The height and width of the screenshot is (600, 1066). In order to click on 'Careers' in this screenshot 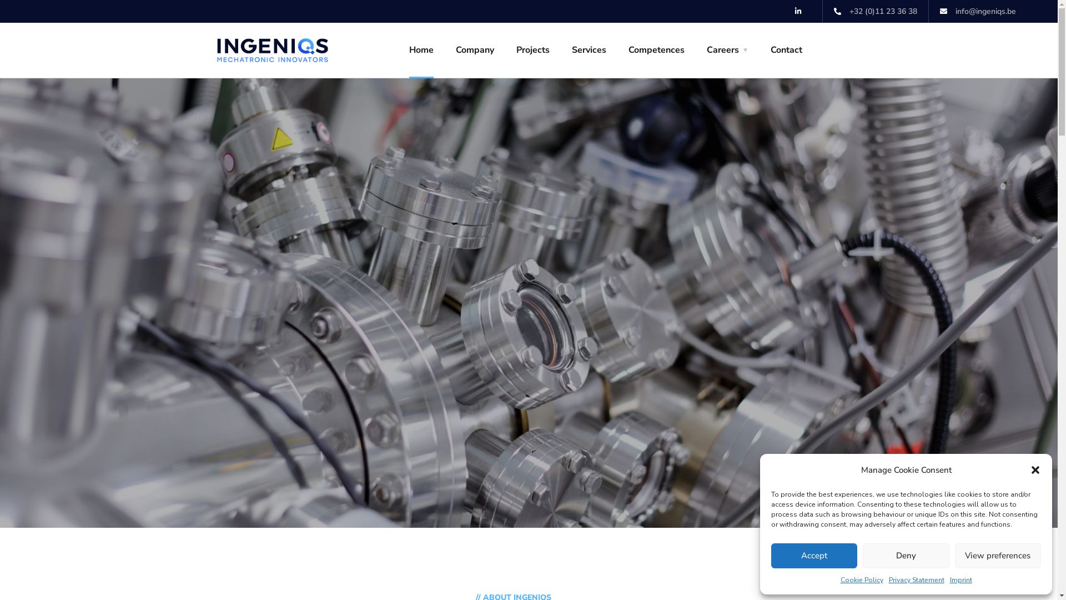, I will do `click(727, 50)`.